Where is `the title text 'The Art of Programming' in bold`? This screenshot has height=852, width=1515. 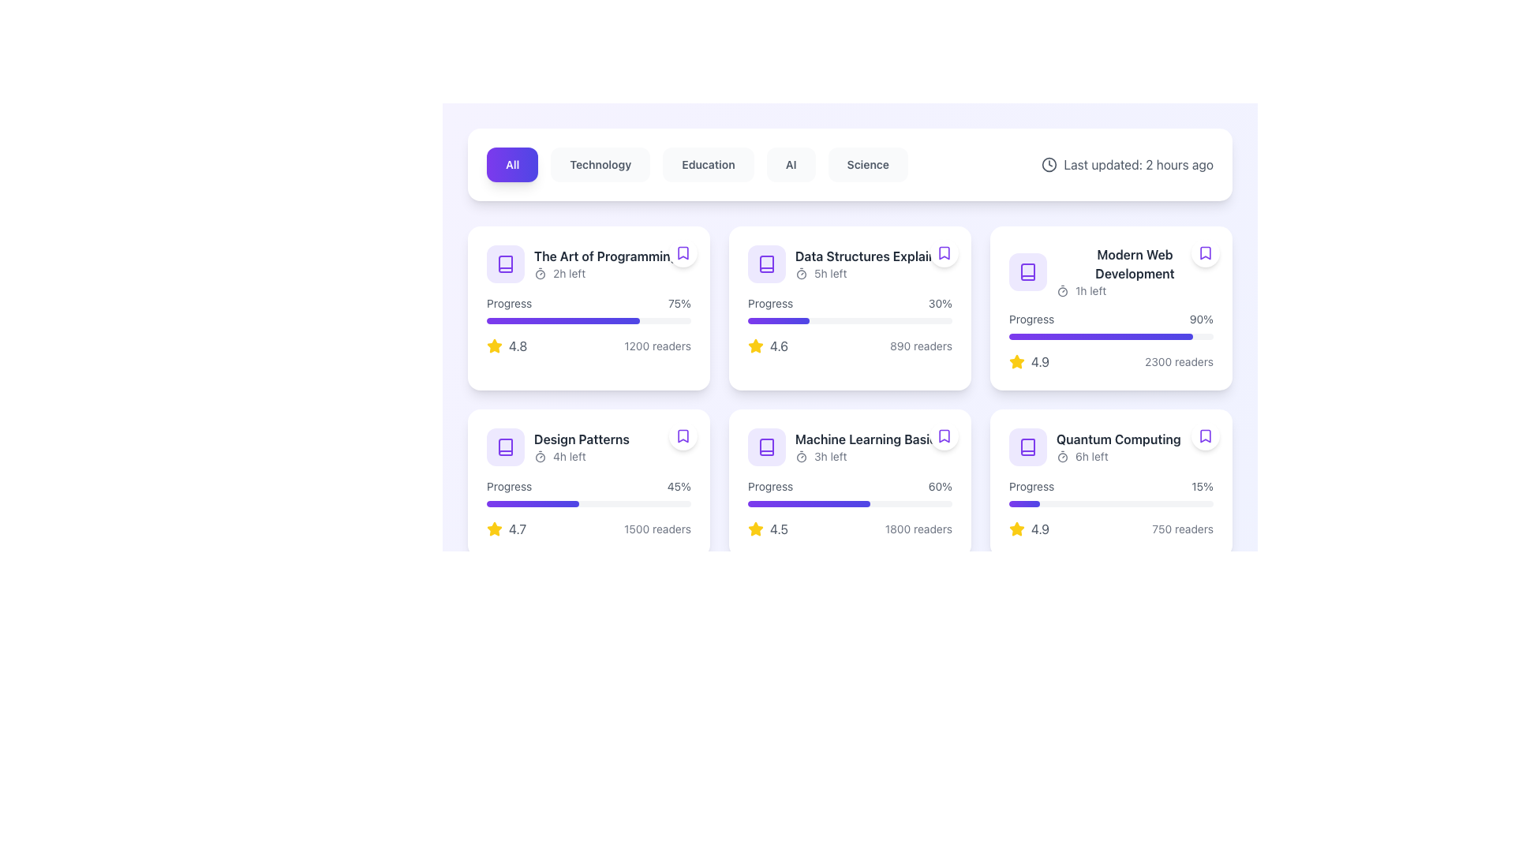
the title text 'The Art of Programming' in bold is located at coordinates (588, 263).